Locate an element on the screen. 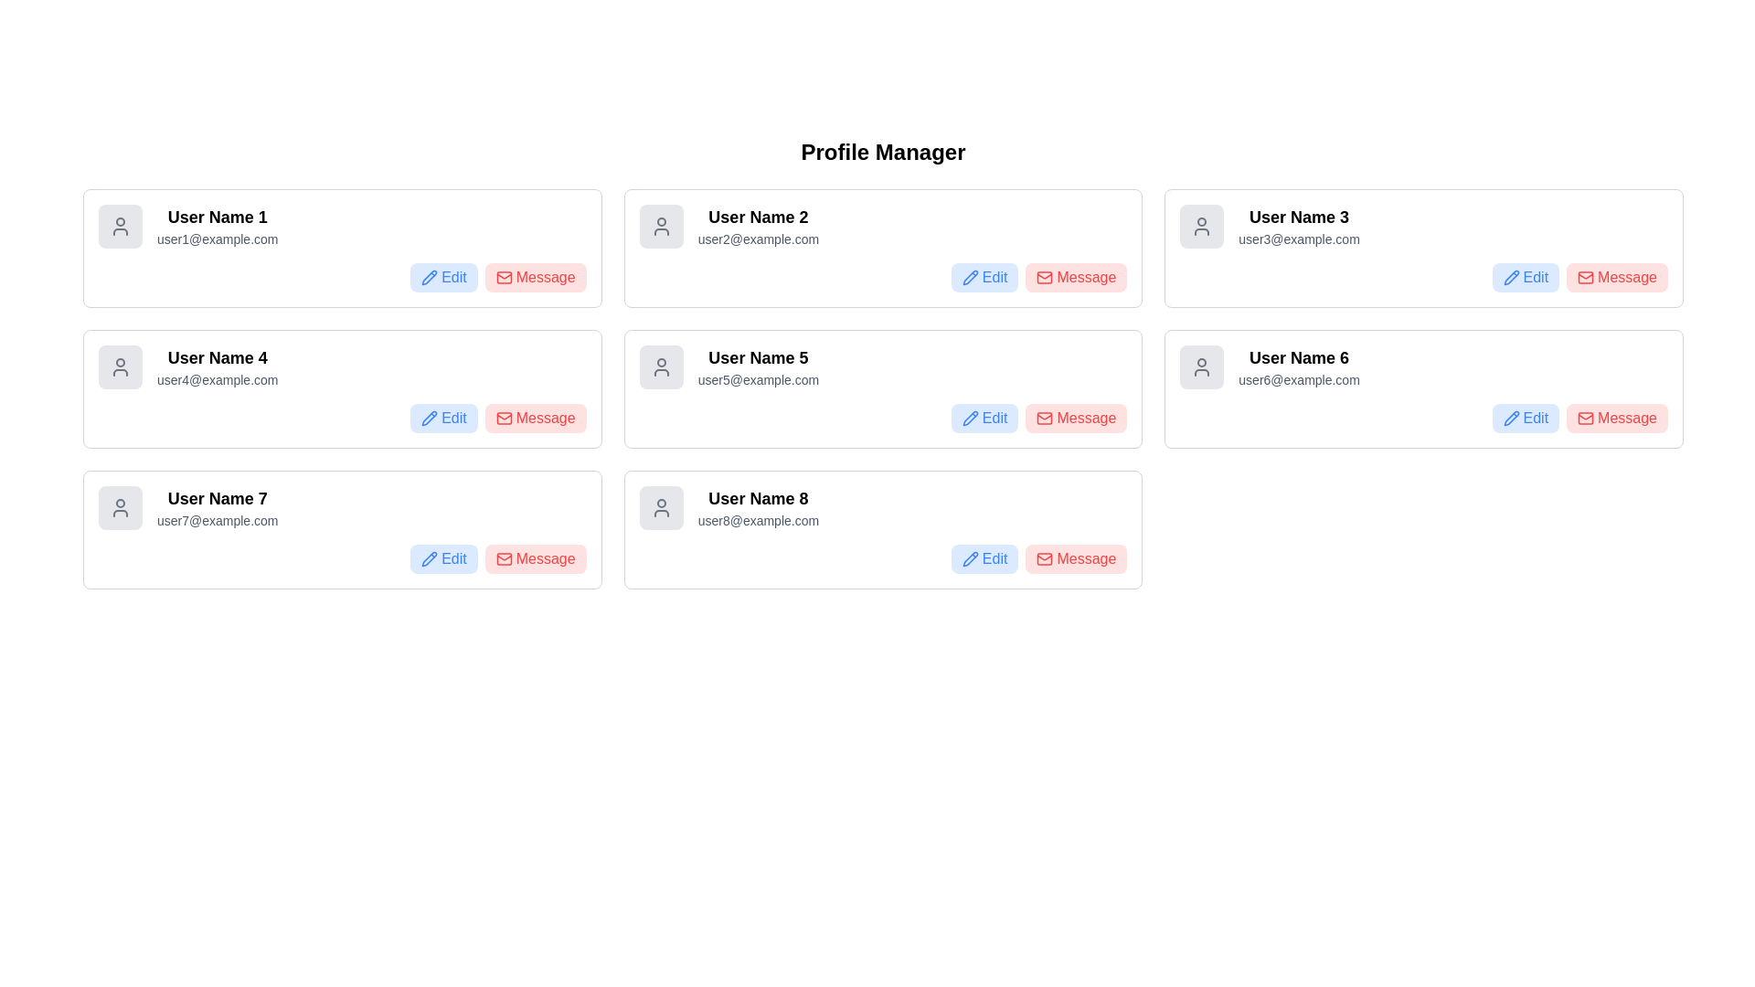 Image resolution: width=1755 pixels, height=987 pixels. the static text display element that prominently shows 'User Name 6' in bold, black, serif-styled font, positioned at the top of the profile card is located at coordinates (1298, 358).